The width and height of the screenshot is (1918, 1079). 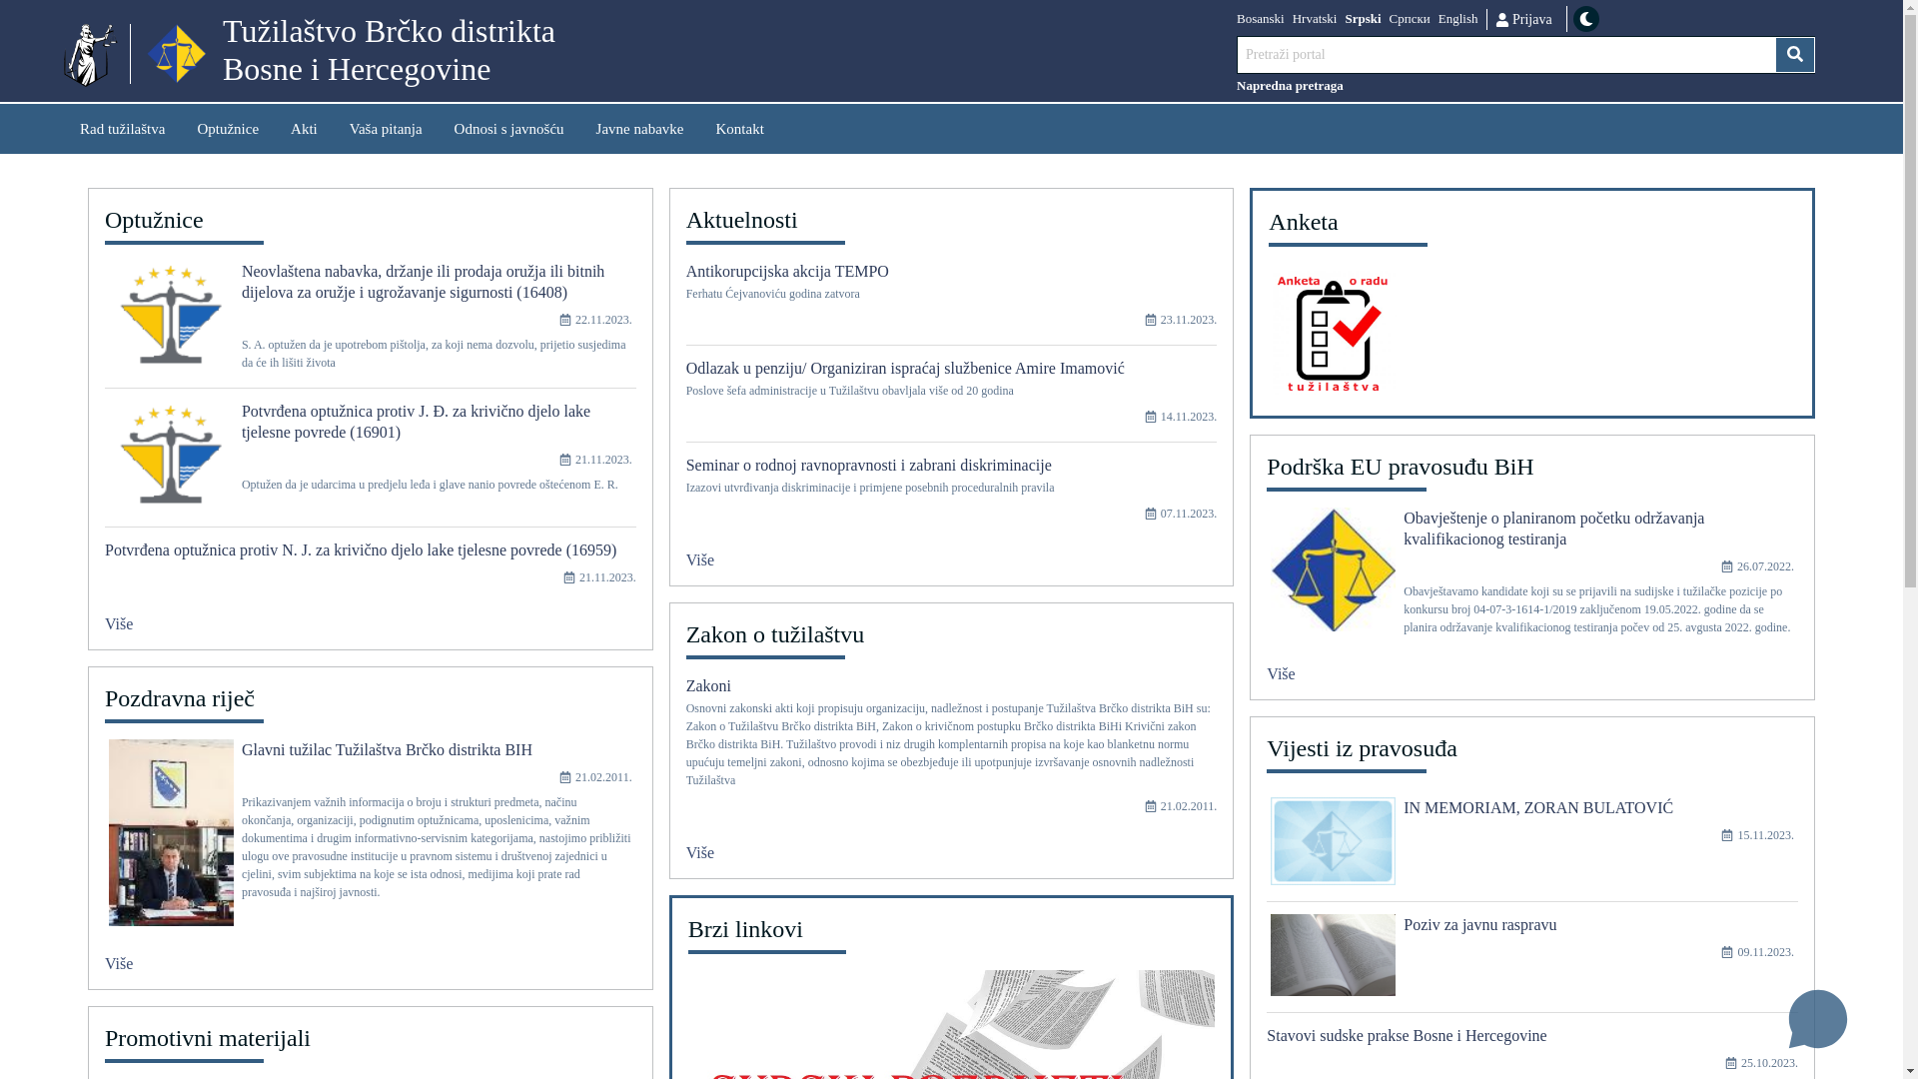 I want to click on 'Javne nabavke', so click(x=578, y=128).